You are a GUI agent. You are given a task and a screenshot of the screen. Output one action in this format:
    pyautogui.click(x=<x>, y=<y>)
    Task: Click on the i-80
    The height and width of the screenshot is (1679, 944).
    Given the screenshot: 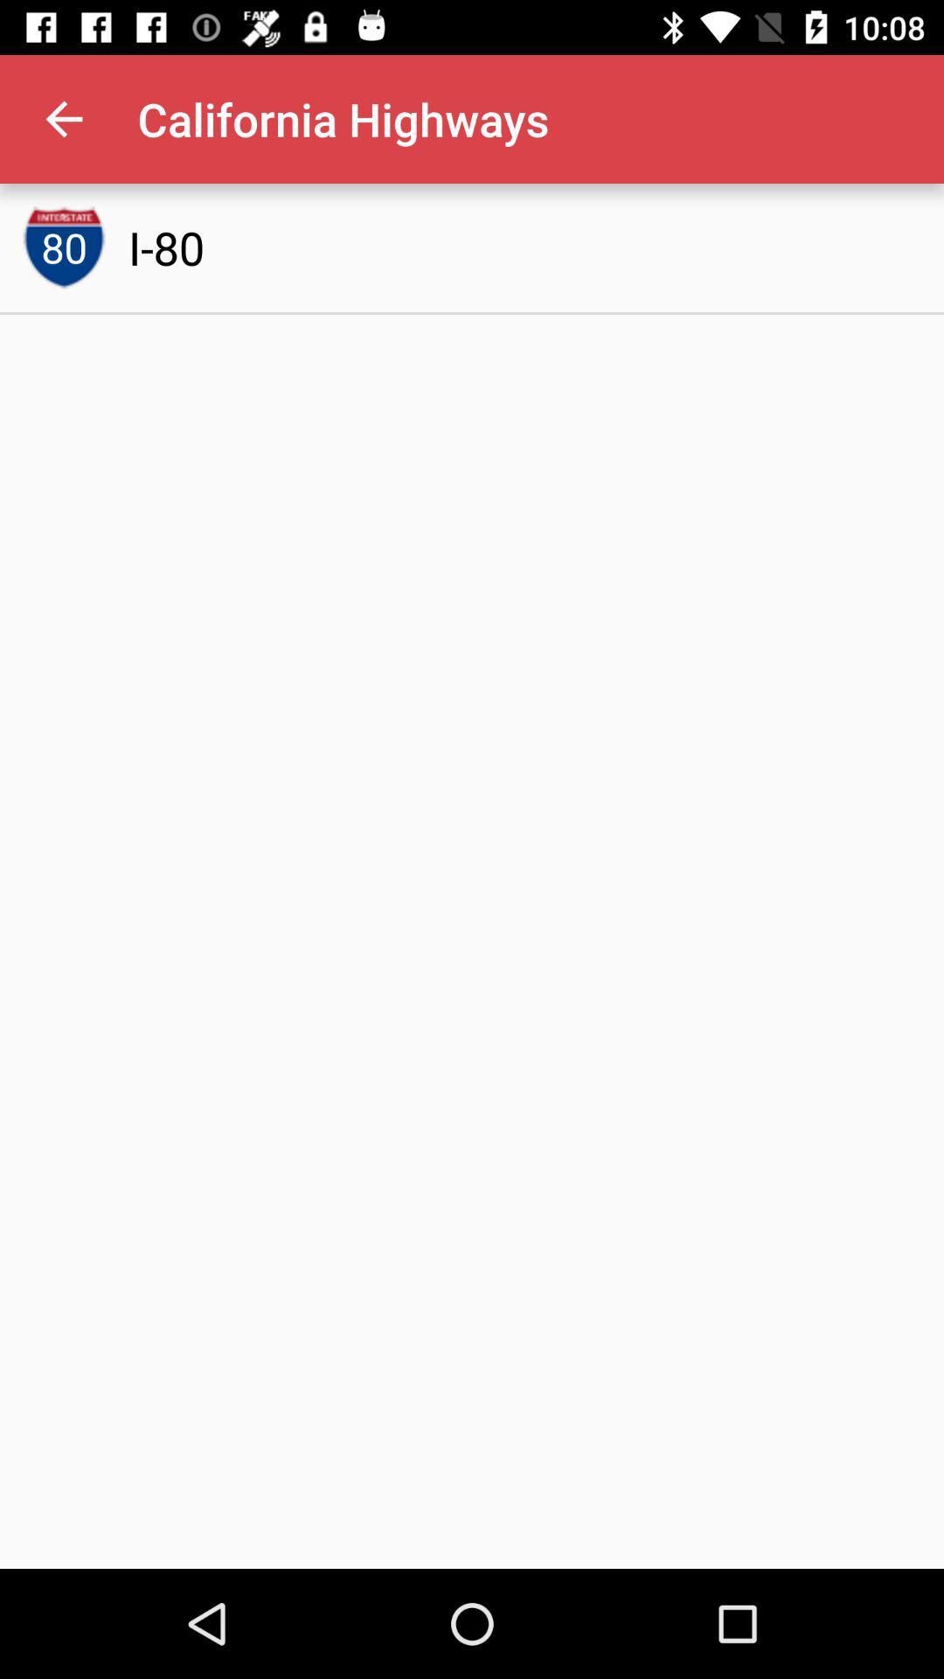 What is the action you would take?
    pyautogui.click(x=166, y=247)
    